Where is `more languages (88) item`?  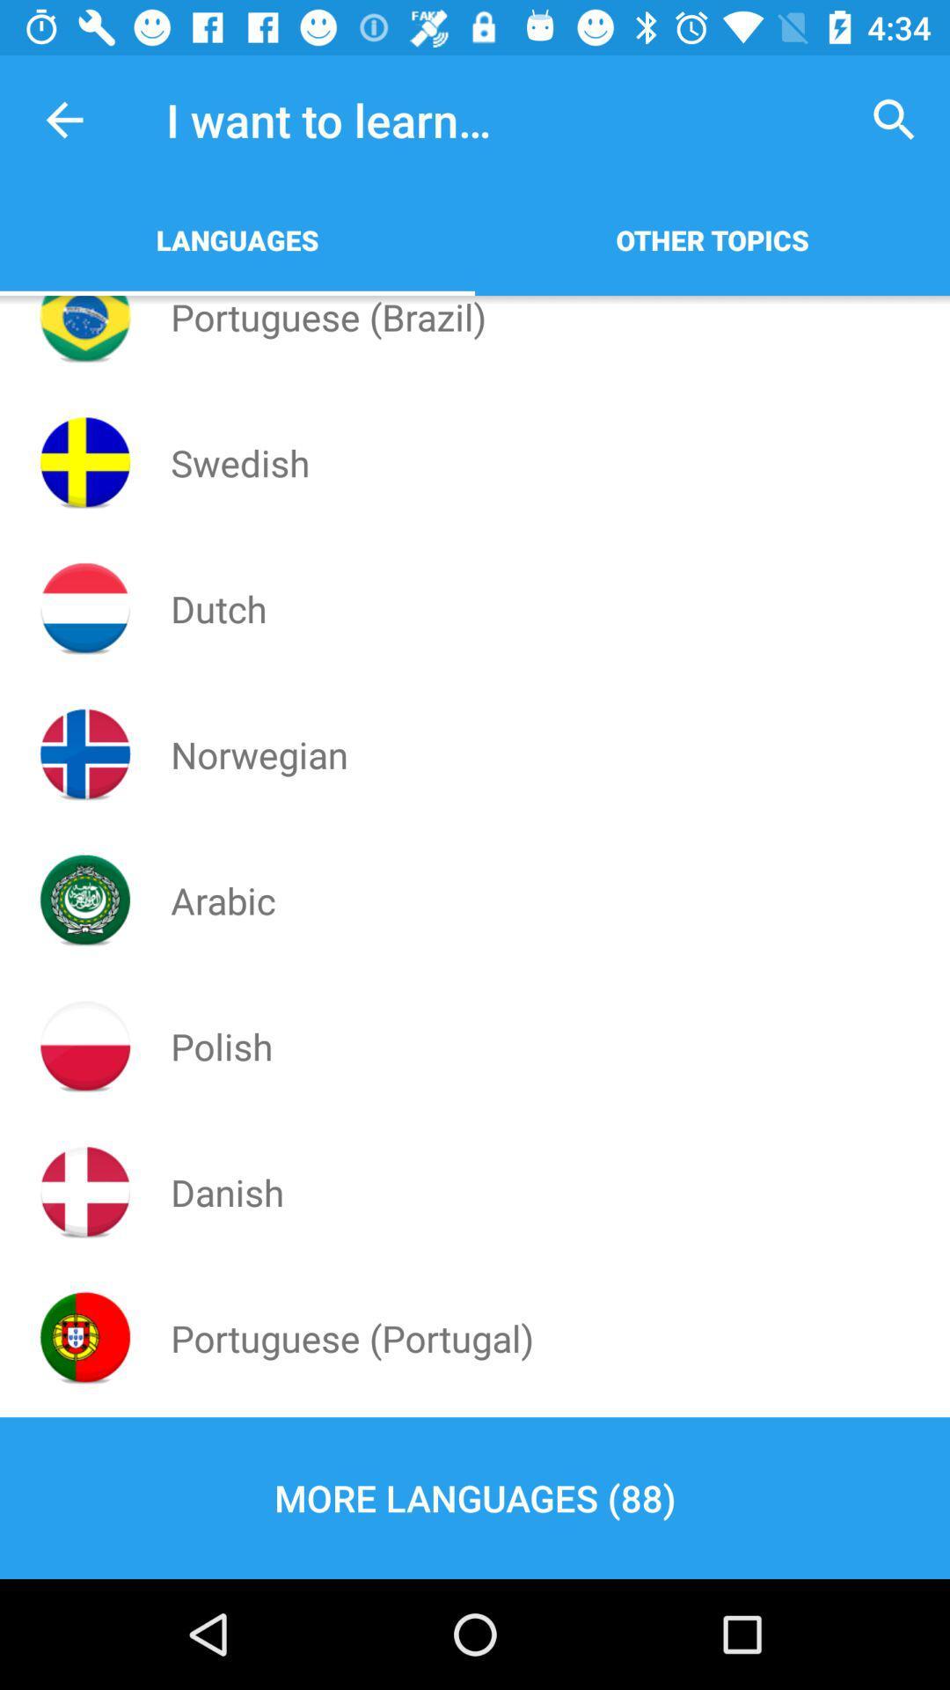 more languages (88) item is located at coordinates (475, 1497).